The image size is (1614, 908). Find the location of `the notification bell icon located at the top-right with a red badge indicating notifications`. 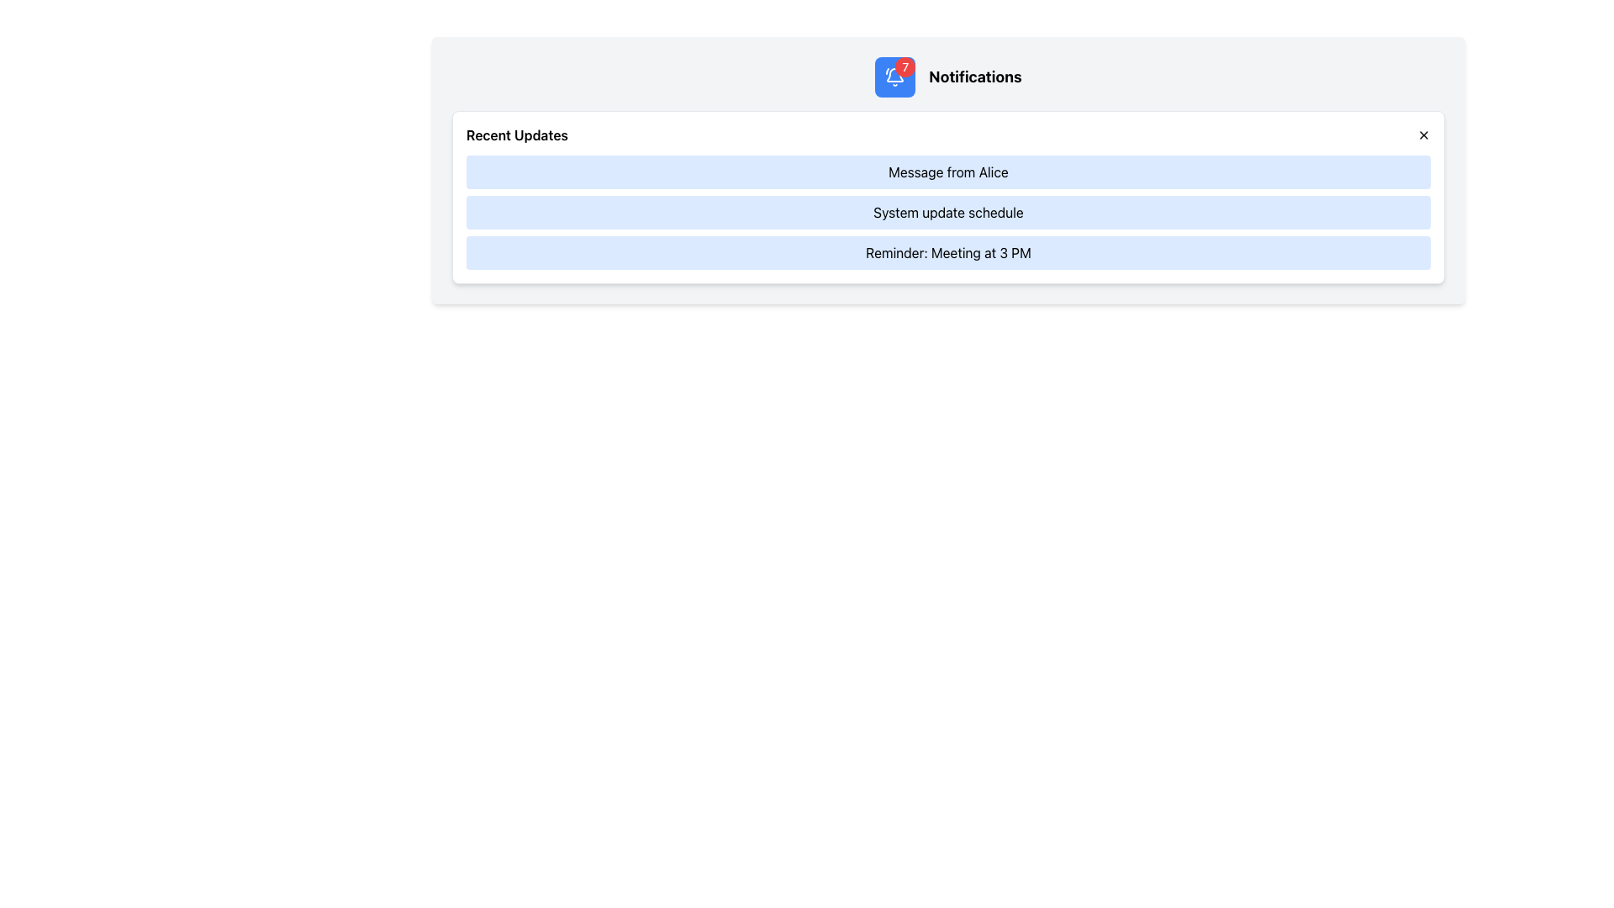

the notification bell icon located at the top-right with a red badge indicating notifications is located at coordinates (894, 77).